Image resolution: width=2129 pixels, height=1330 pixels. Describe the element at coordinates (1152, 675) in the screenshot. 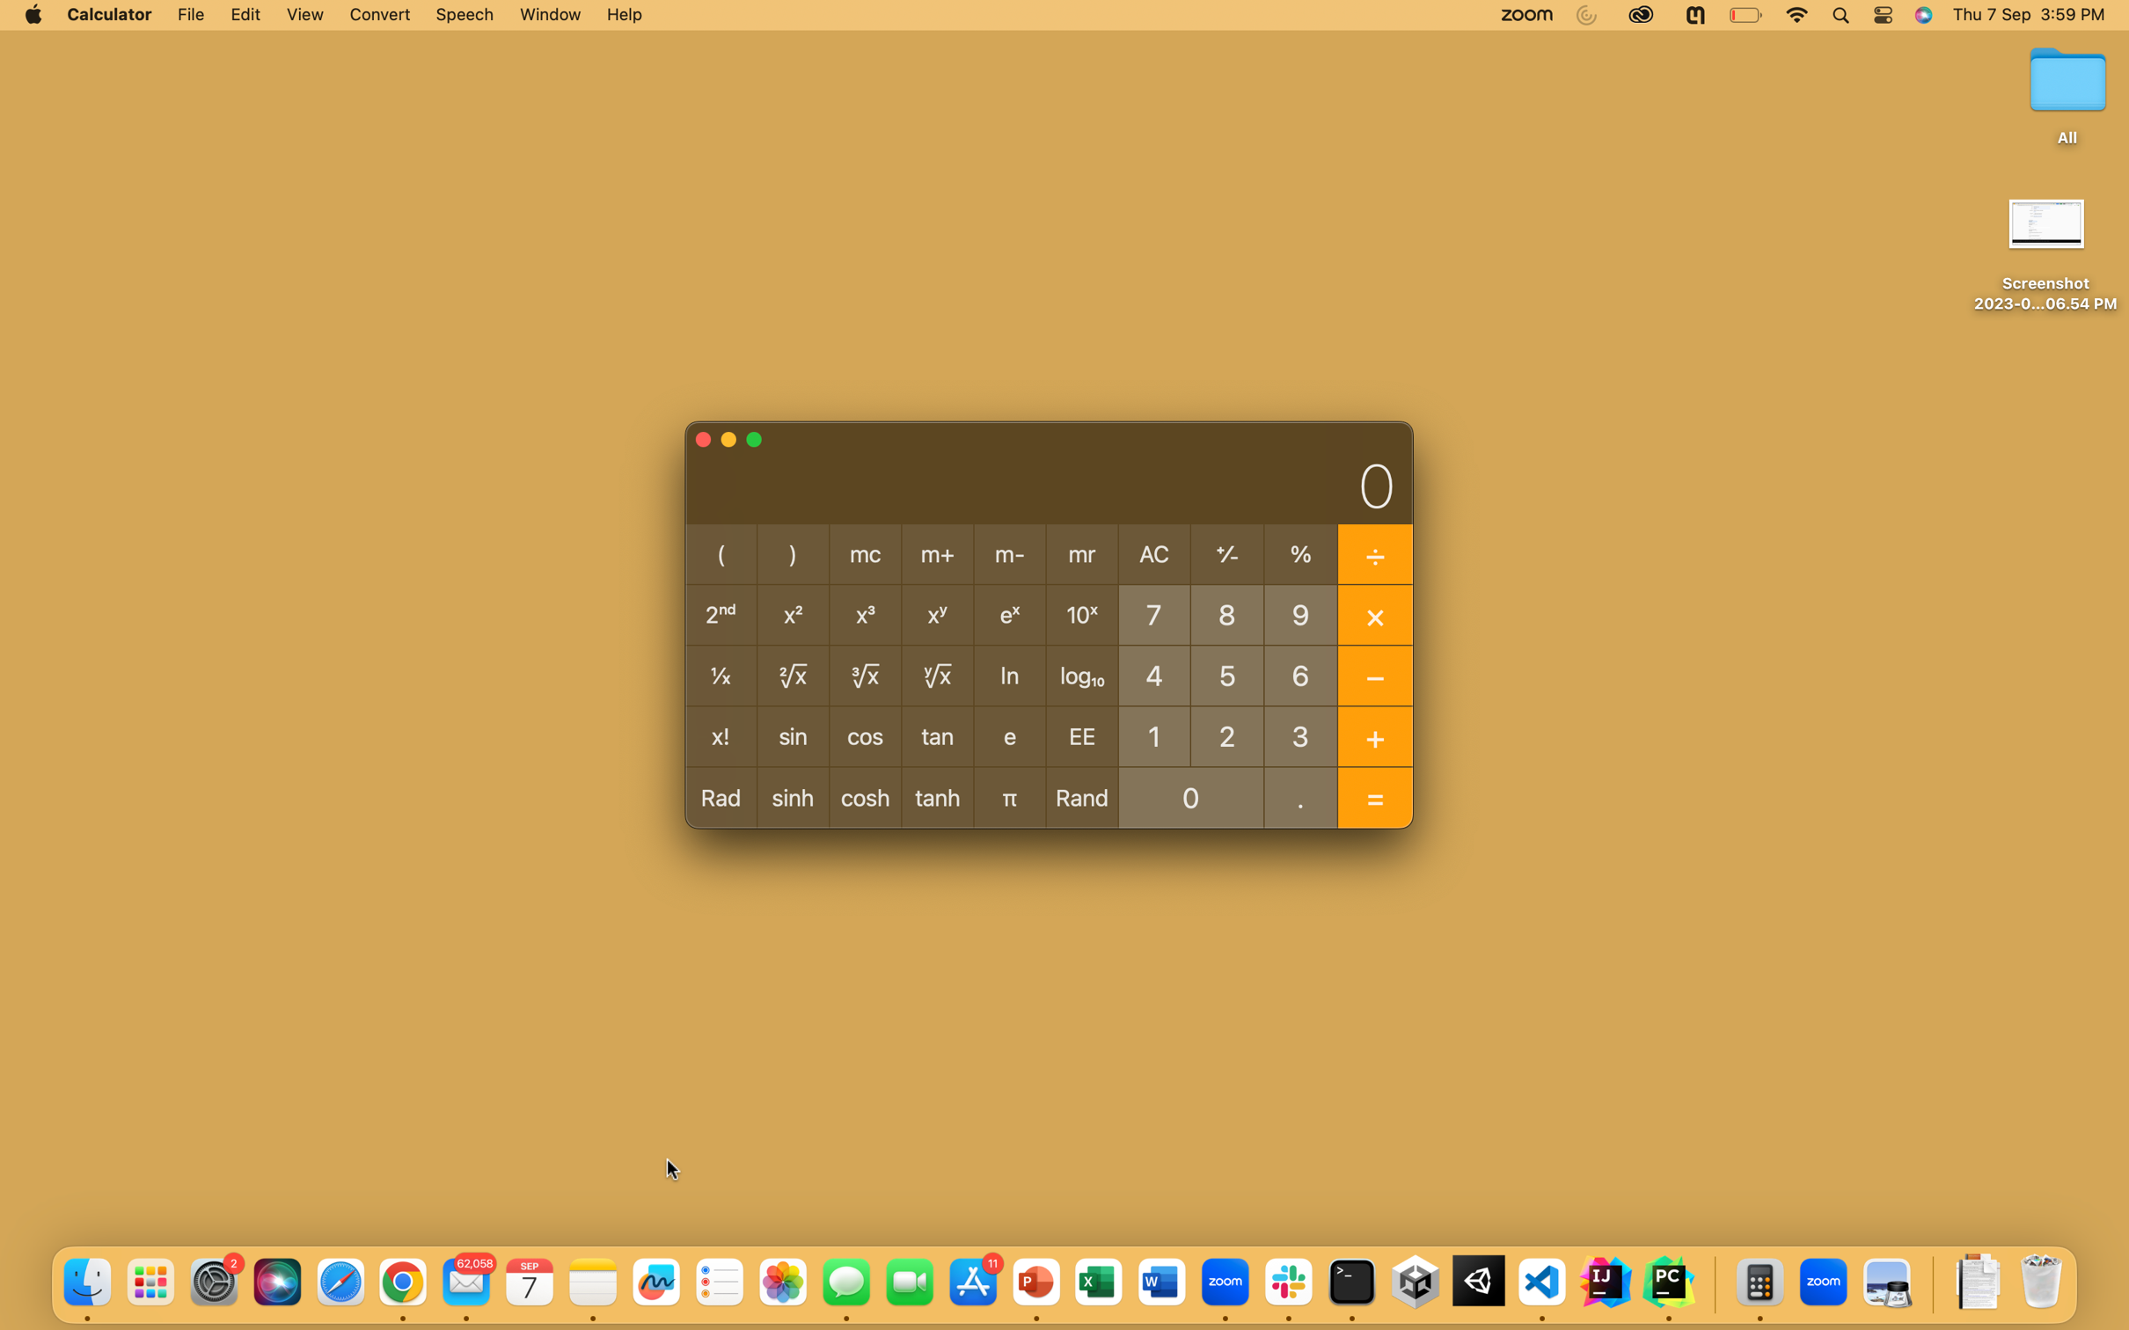

I see `Calculate the sine of 45 degrees` at that location.